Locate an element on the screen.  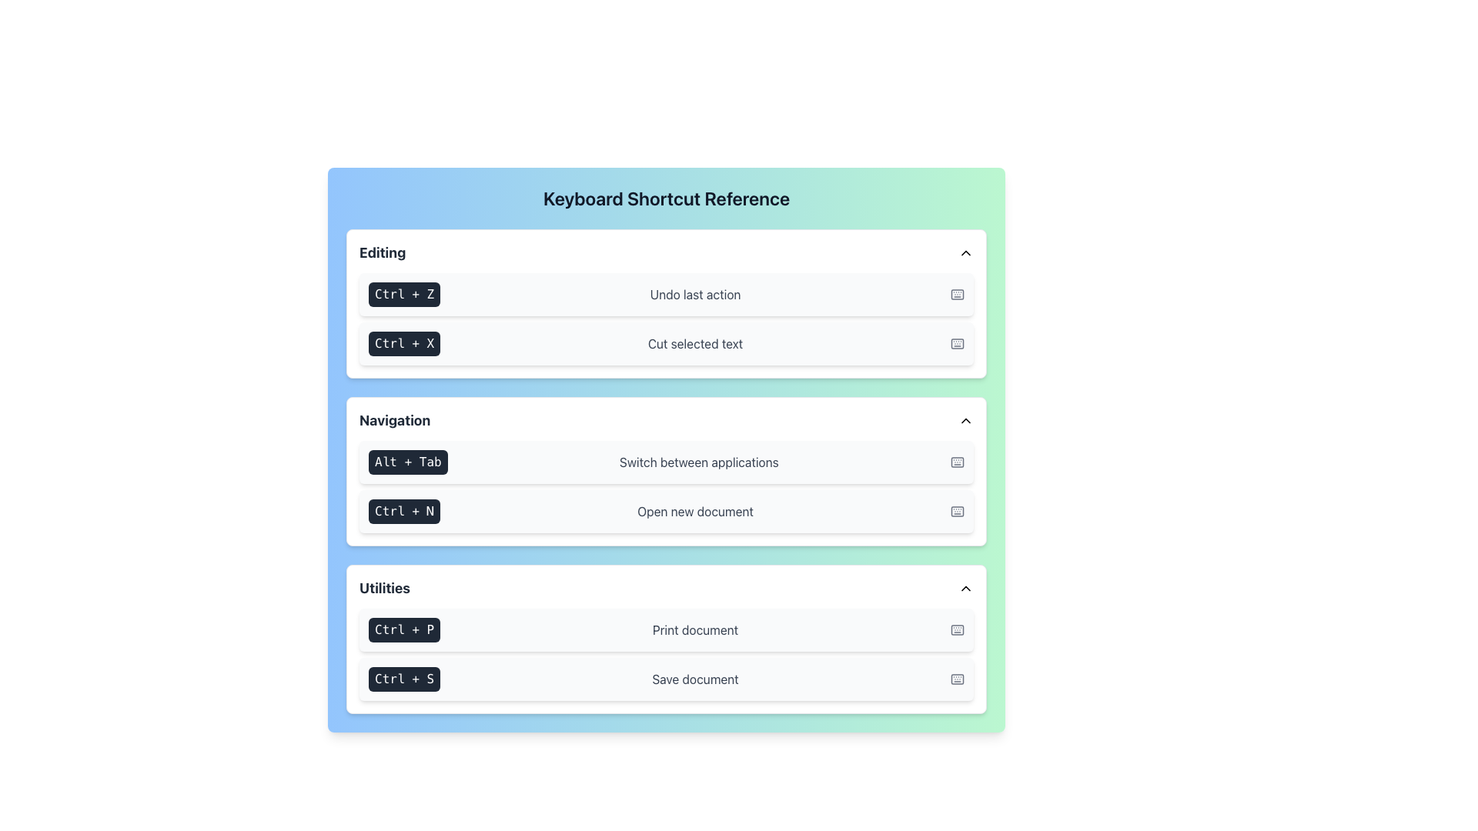
keyboard shortcut description from the first row item under the 'Utilities' section, which contains the dark button with white text 'Ctrl + P', grey text 'Print document', and a small keyboard icon is located at coordinates (666, 629).